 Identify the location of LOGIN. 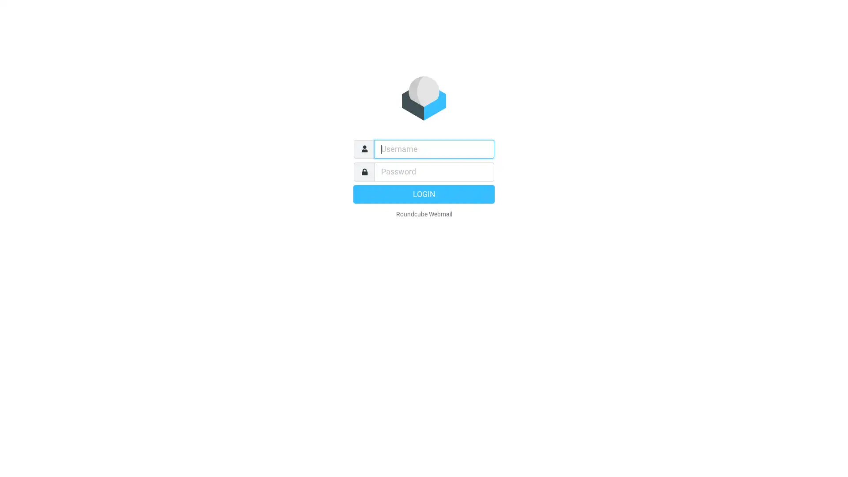
(424, 193).